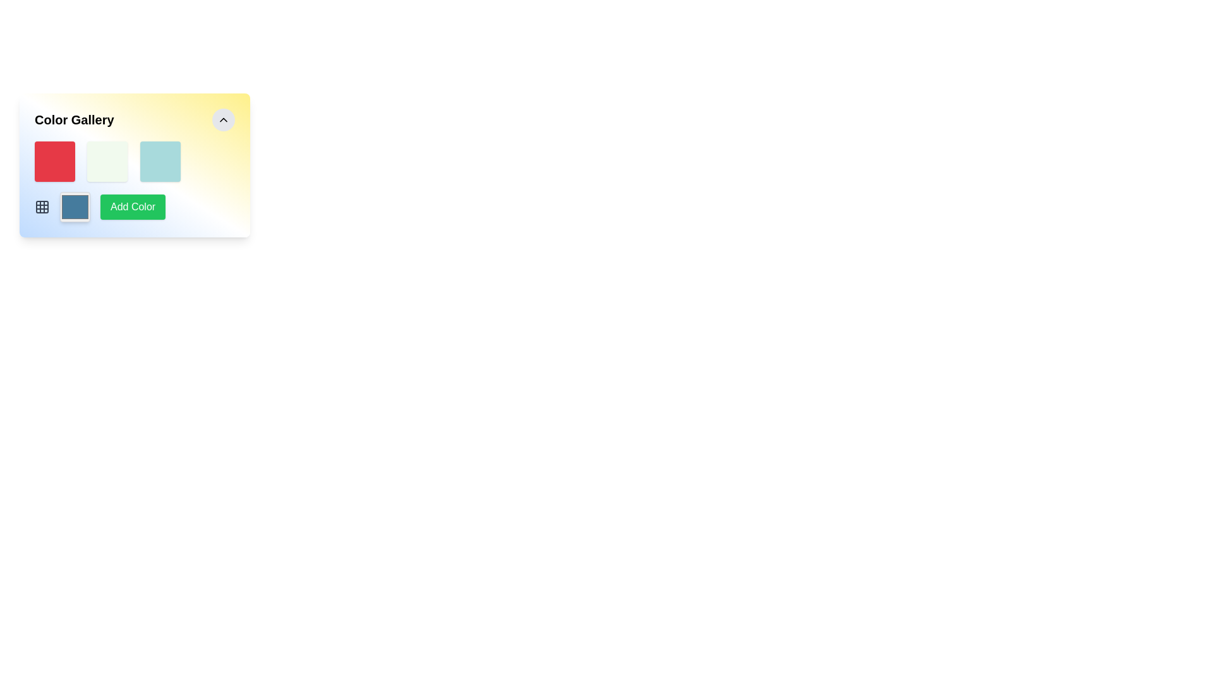  I want to click on the green rectangular button labeled 'Add Color' located in the lower central section of the 'Color Gallery' card interface, so click(135, 182).